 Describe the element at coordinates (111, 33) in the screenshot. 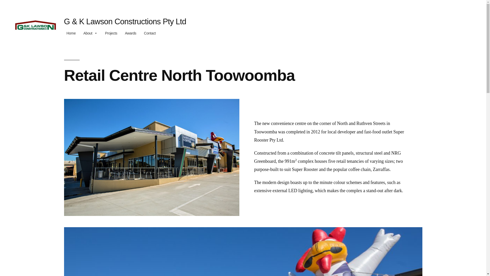

I see `'Projects'` at that location.